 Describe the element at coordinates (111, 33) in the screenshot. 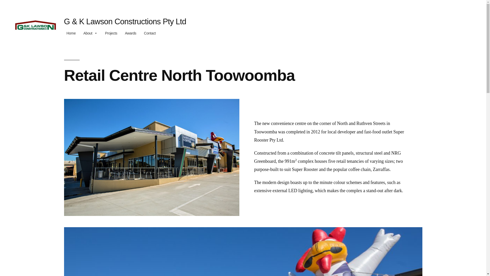

I see `'Projects'` at that location.